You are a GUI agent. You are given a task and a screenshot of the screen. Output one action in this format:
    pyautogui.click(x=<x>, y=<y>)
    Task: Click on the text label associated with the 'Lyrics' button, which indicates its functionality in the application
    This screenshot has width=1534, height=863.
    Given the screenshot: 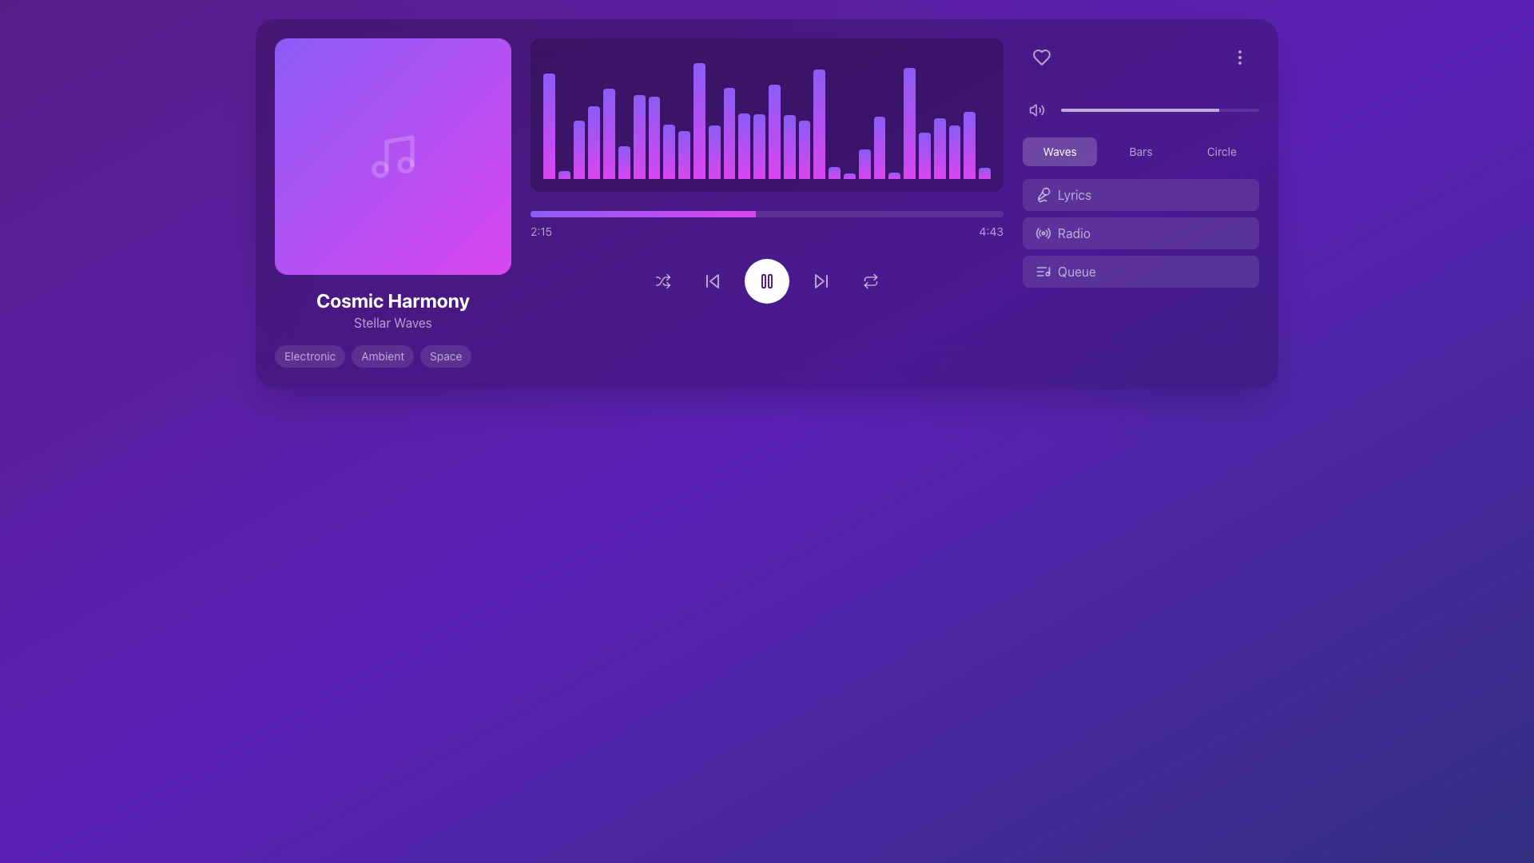 What is the action you would take?
    pyautogui.click(x=1075, y=193)
    